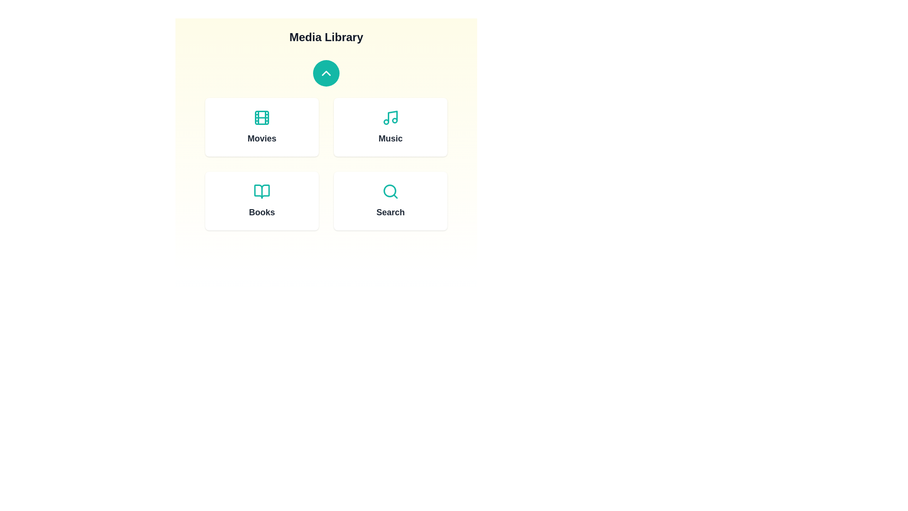 The height and width of the screenshot is (511, 908). What do you see at coordinates (262, 200) in the screenshot?
I see `the section card labeled Books` at bounding box center [262, 200].